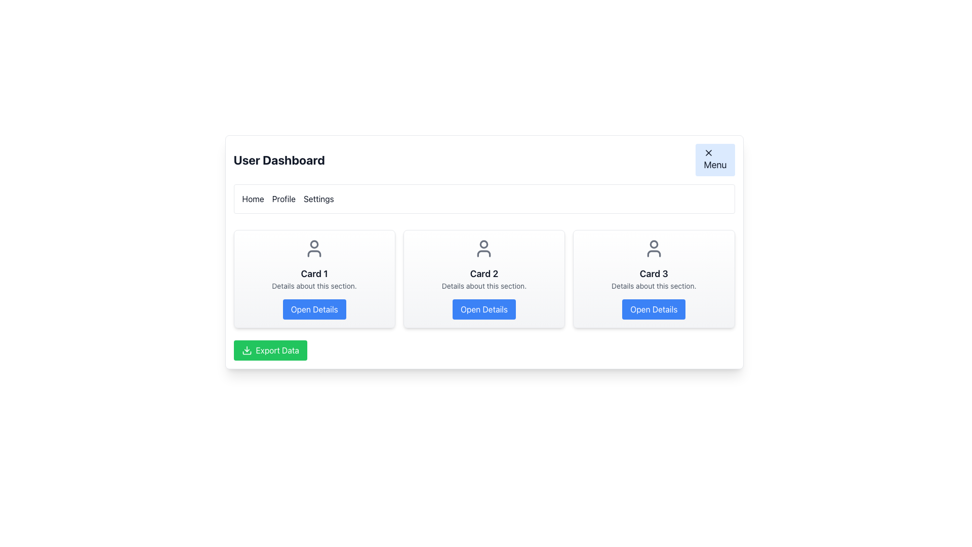 The height and width of the screenshot is (547, 972). Describe the element at coordinates (654, 253) in the screenshot. I see `the lower part of the user icon in the third card of a row of three cards to enhance visual representation` at that location.